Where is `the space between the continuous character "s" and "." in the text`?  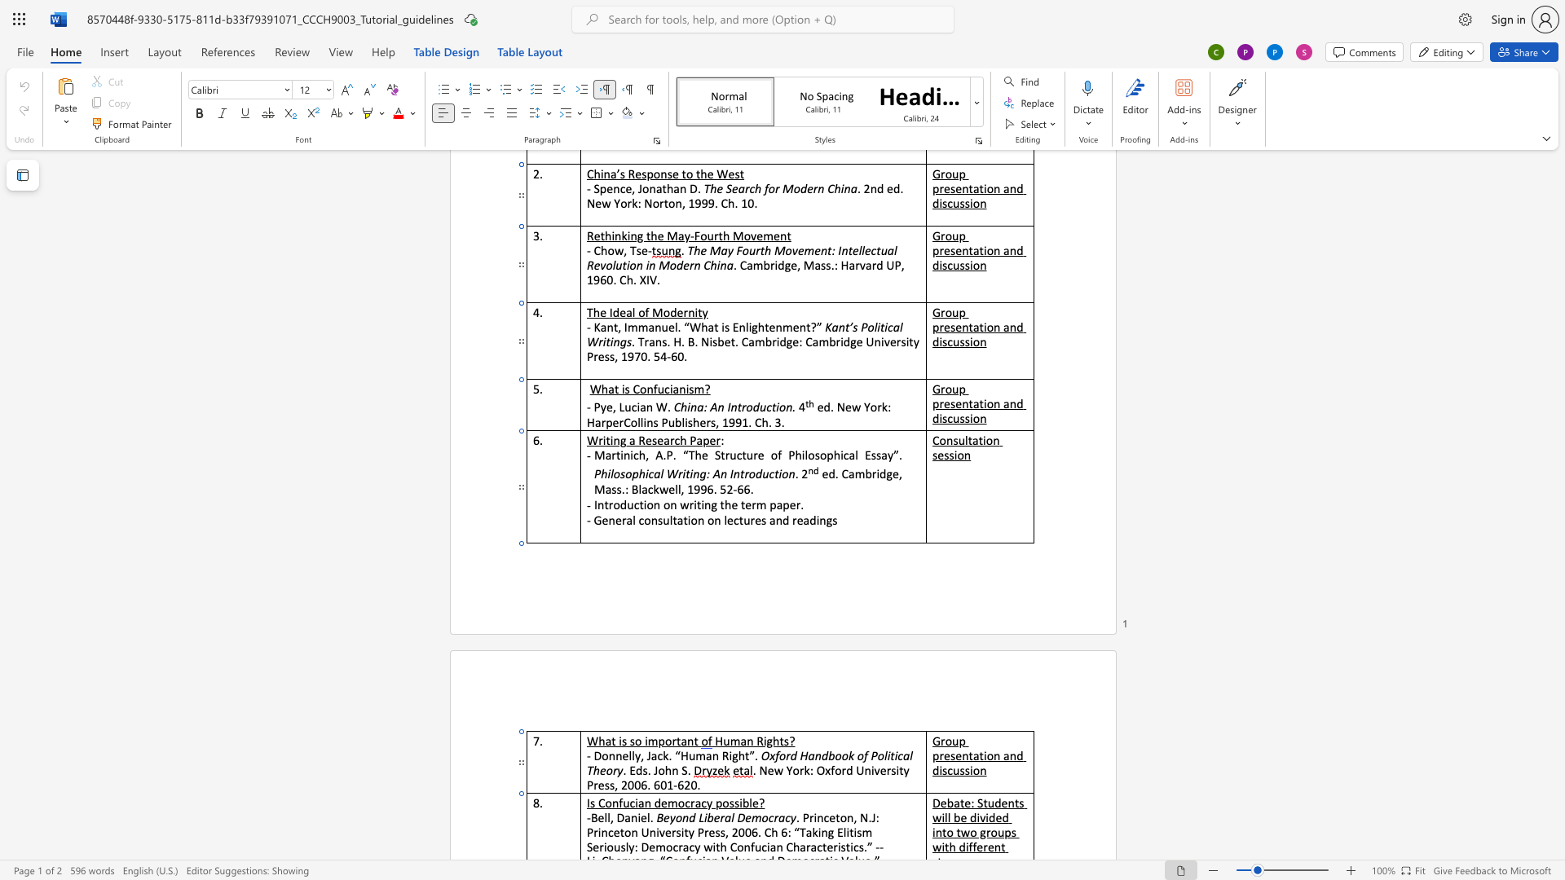
the space between the continuous character "s" and "." in the text is located at coordinates (646, 770).